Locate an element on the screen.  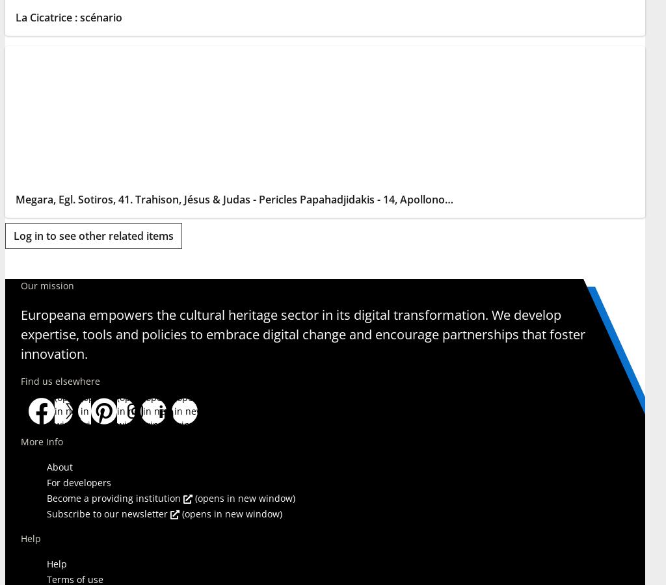
'Become a providing institution' is located at coordinates (115, 497).